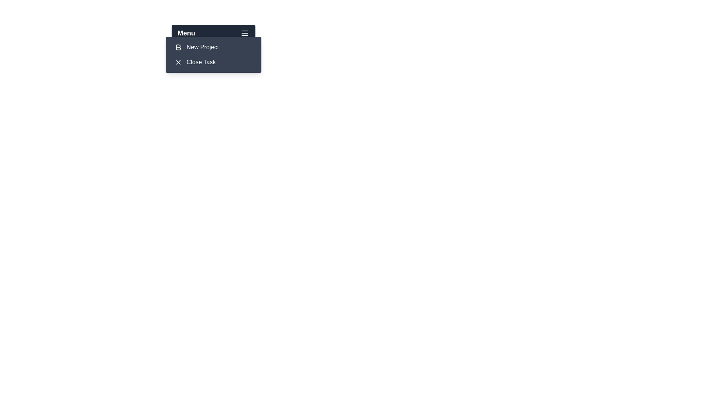 The height and width of the screenshot is (403, 718). What do you see at coordinates (213, 47) in the screenshot?
I see `the first item in the dropdown menu under the 'Menu' header` at bounding box center [213, 47].